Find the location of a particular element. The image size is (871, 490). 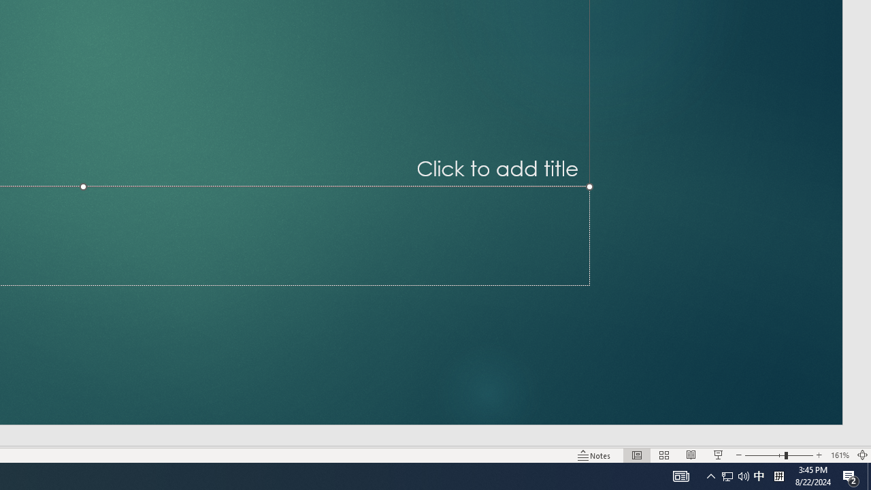

'Reading View' is located at coordinates (691, 455).